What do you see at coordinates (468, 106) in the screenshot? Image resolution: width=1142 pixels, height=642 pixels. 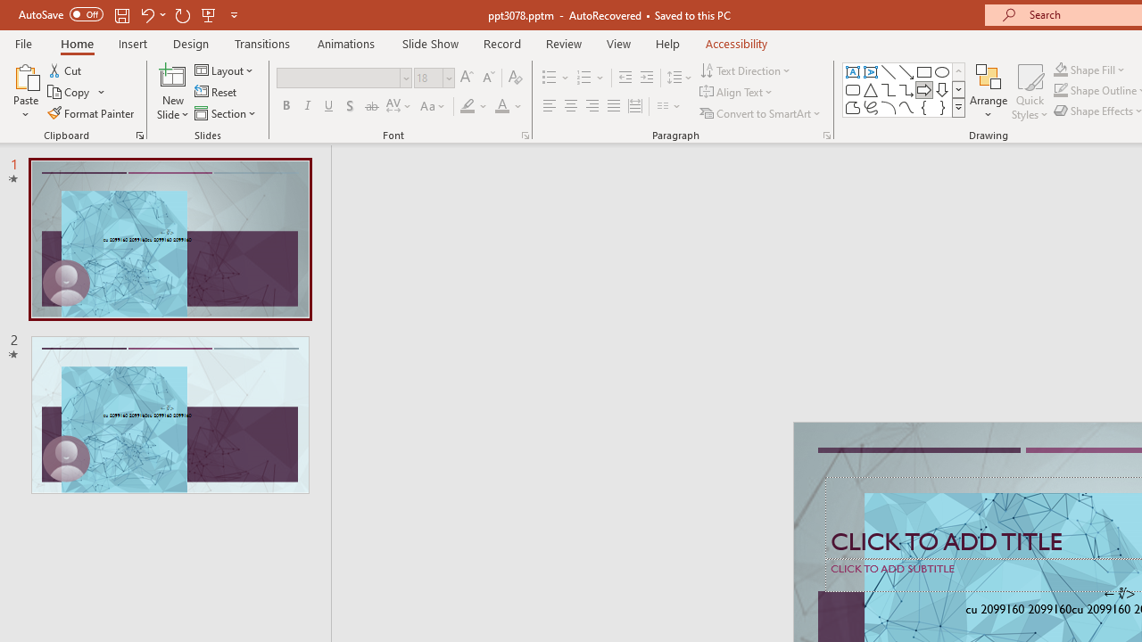 I see `'Text Highlight Color Yellow'` at bounding box center [468, 106].